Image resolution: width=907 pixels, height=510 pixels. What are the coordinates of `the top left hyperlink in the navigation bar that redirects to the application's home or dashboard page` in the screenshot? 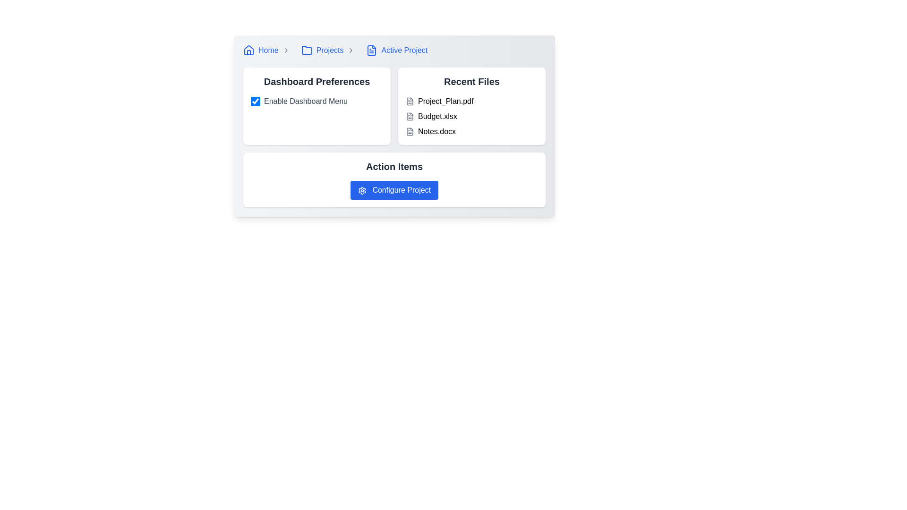 It's located at (261, 51).